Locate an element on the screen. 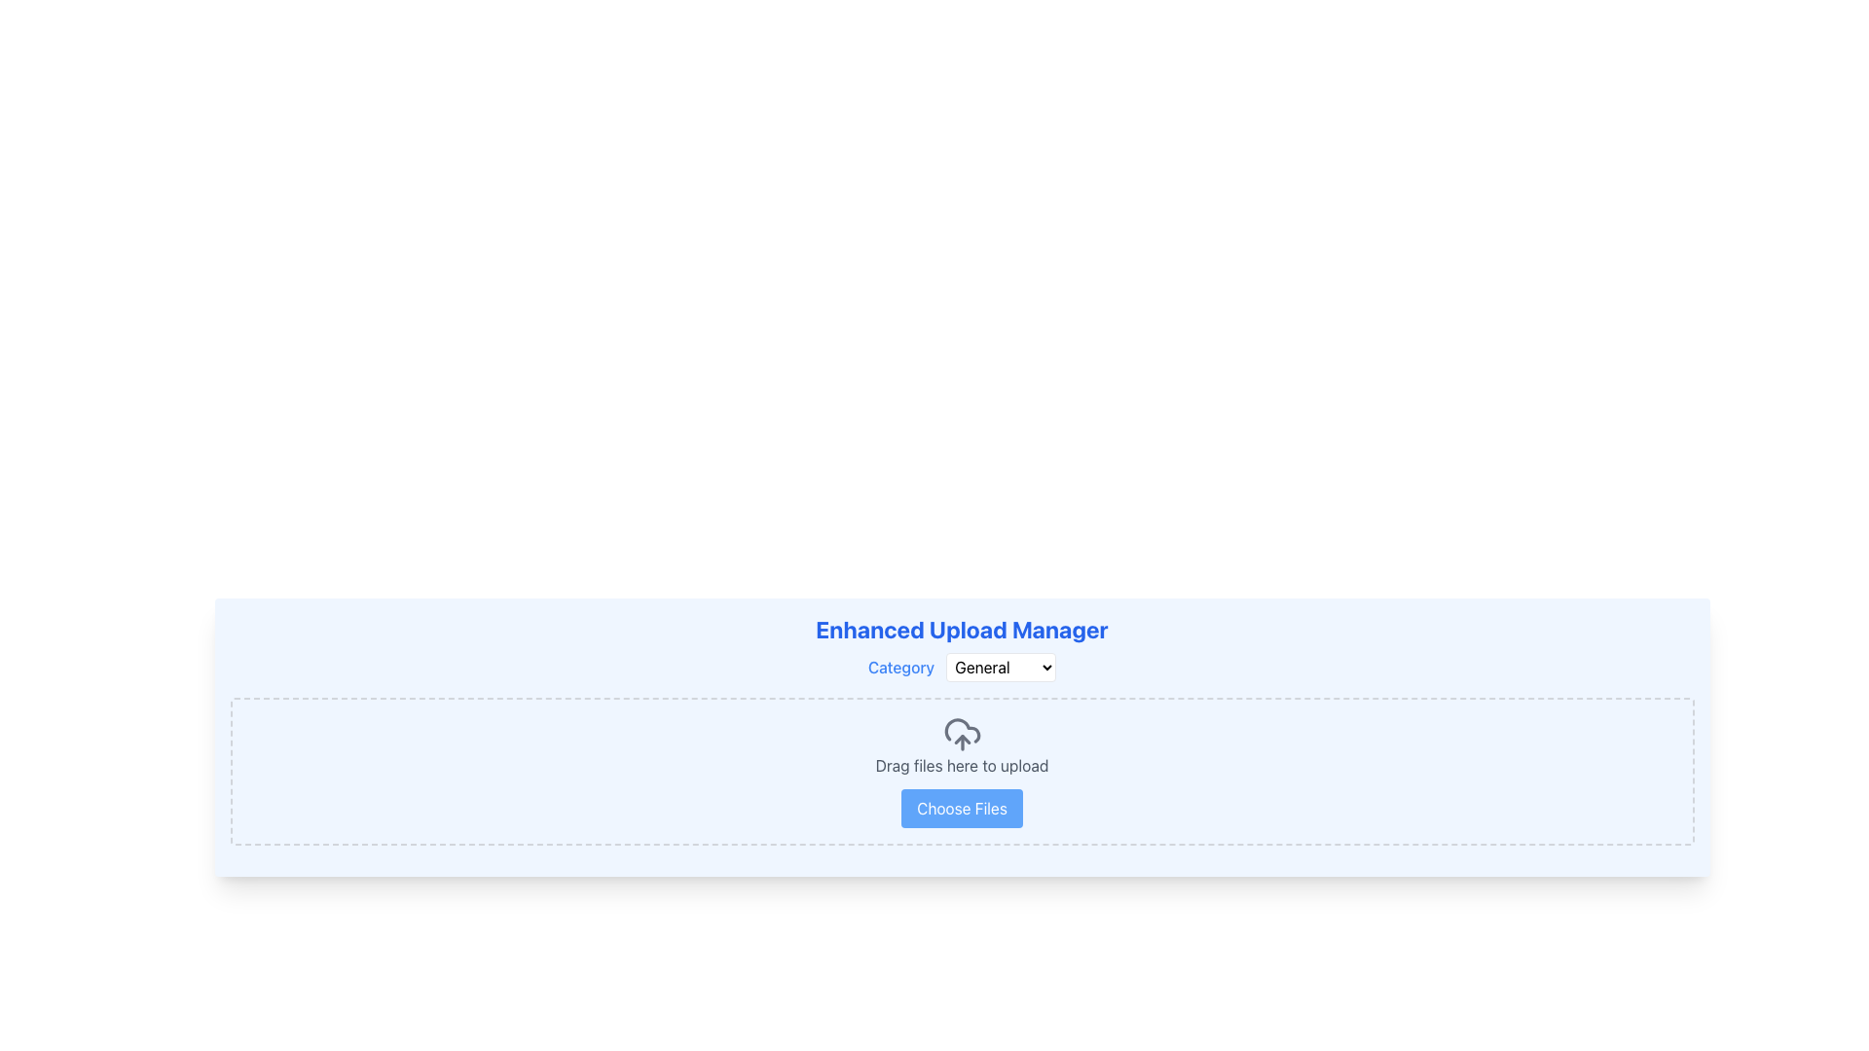 The image size is (1869, 1051). the 'General' dropdown menu is located at coordinates (1001, 667).